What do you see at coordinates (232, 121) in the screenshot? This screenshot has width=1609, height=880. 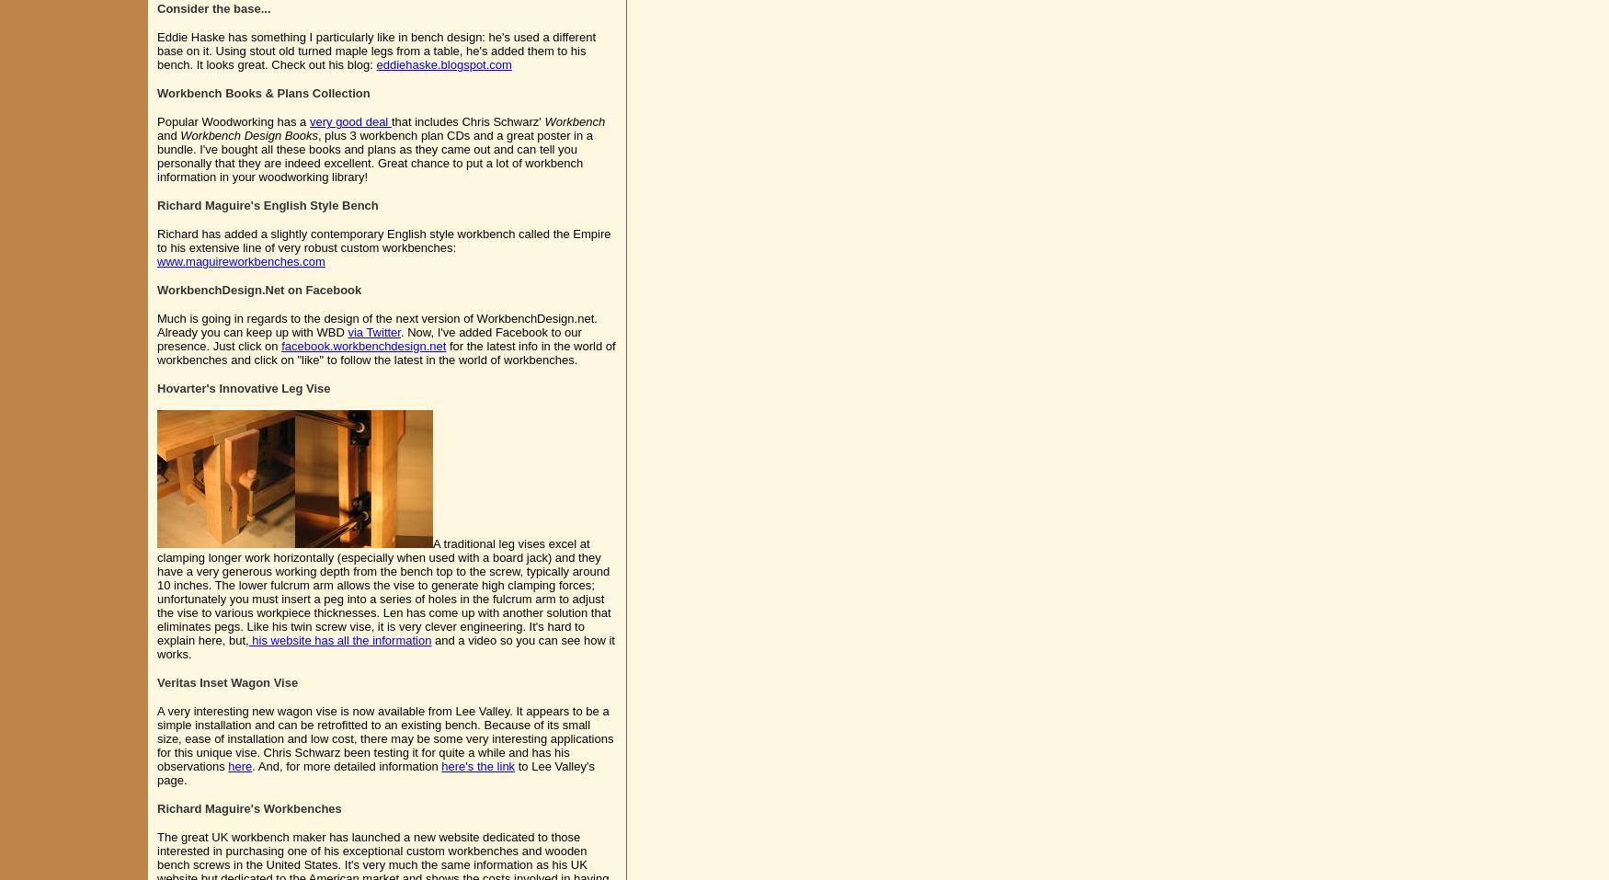 I see `'Popular Woodworking has a'` at bounding box center [232, 121].